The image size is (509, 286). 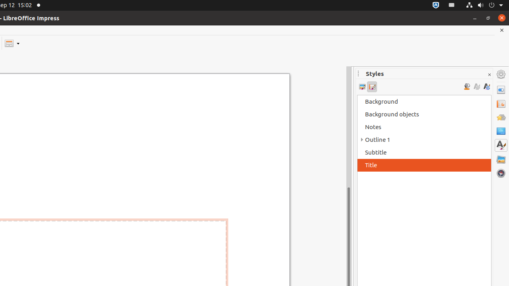 I want to click on 'Close Sidebar Deck', so click(x=489, y=75).